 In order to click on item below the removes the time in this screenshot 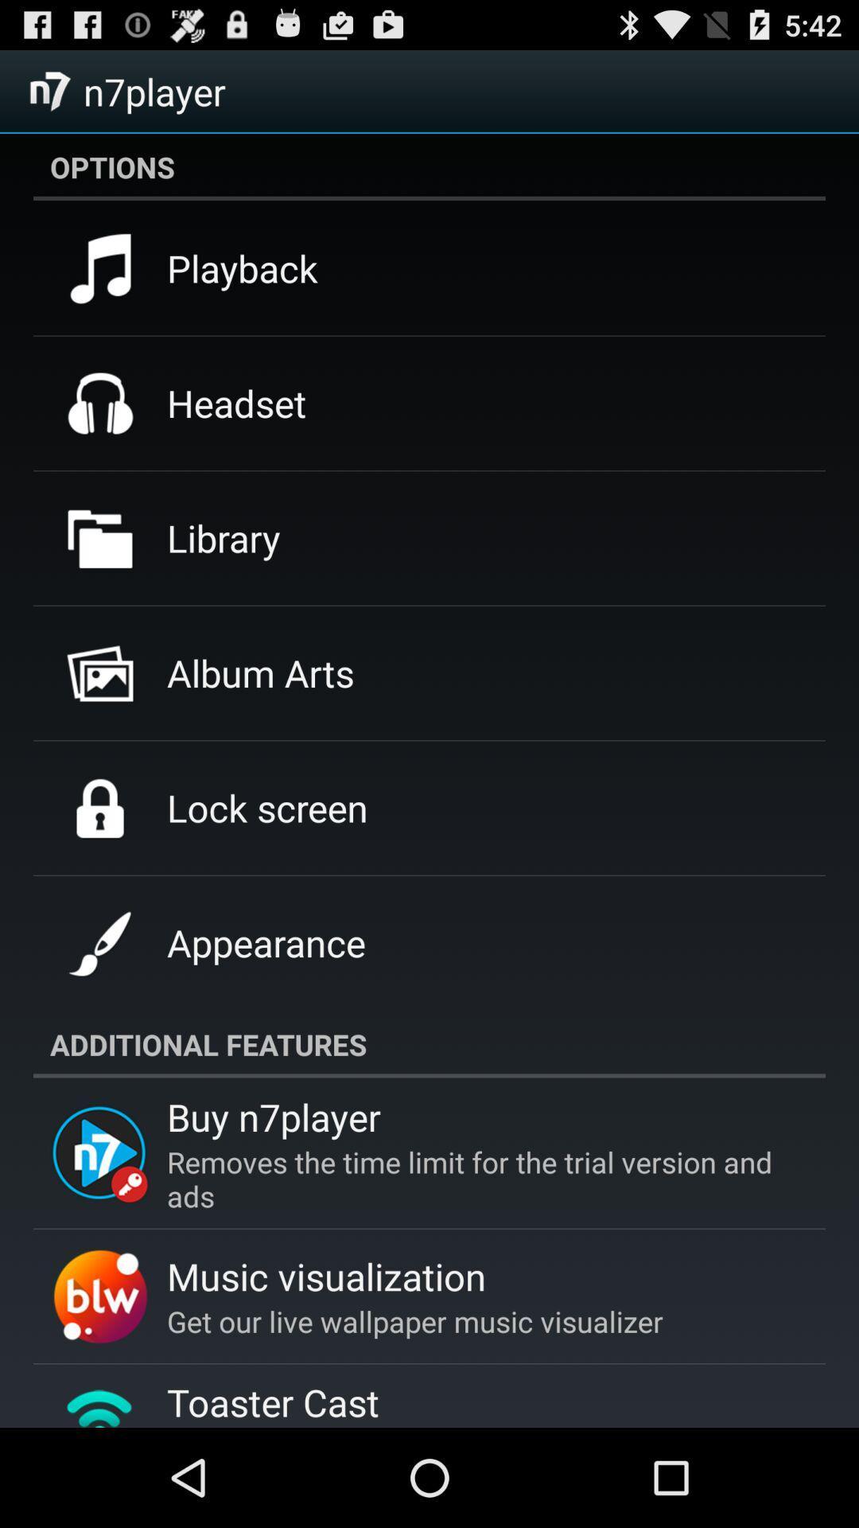, I will do `click(325, 1276)`.